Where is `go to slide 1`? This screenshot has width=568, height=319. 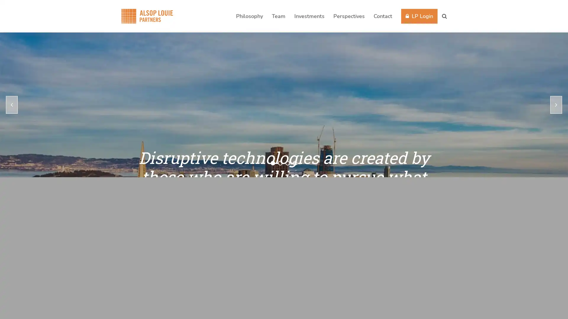
go to slide 1 is located at coordinates (272, 305).